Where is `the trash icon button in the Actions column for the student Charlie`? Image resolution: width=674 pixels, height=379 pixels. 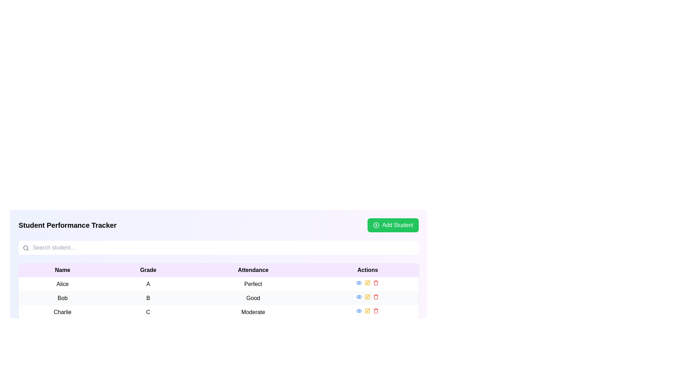
the trash icon button in the Actions column for the student Charlie is located at coordinates (376, 283).